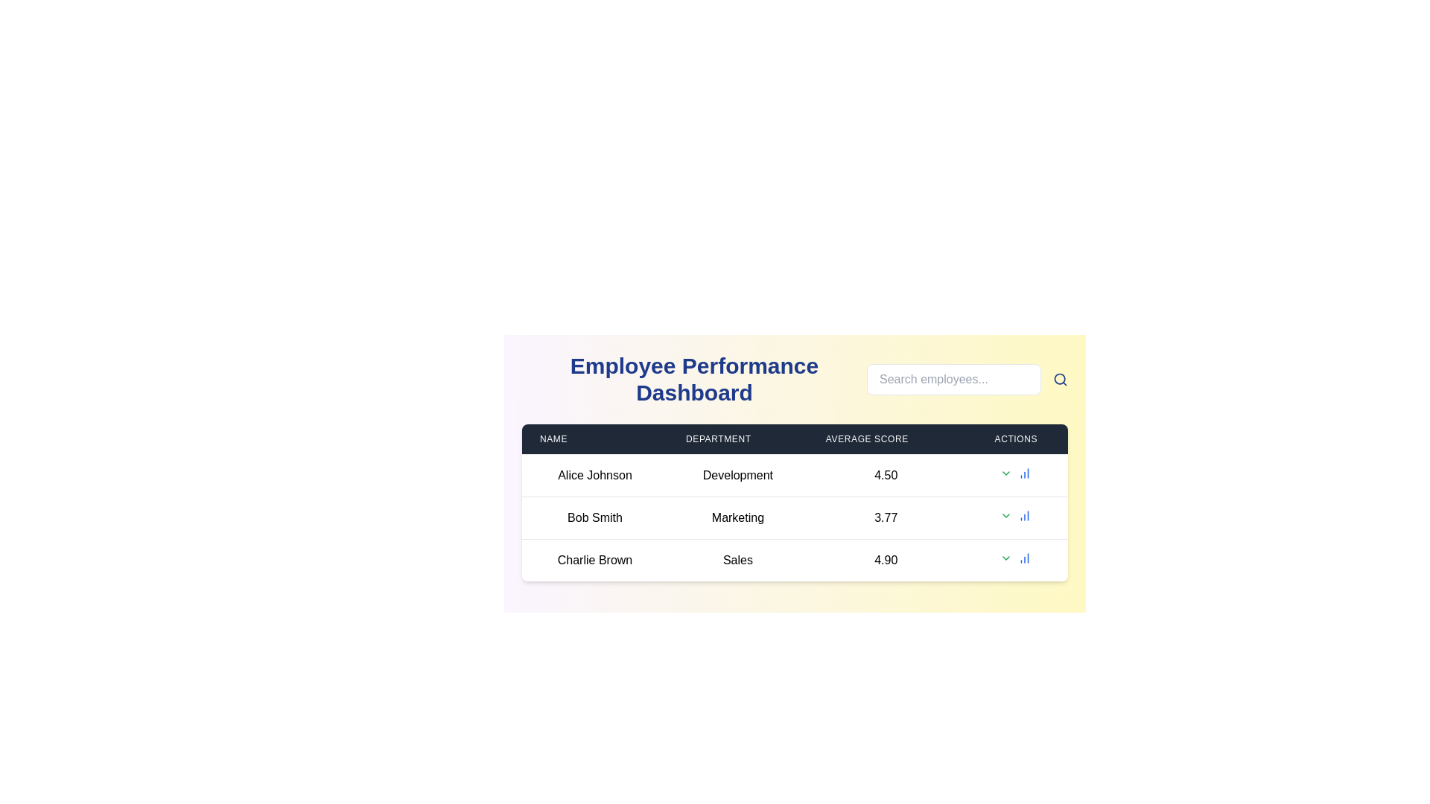 The width and height of the screenshot is (1430, 804). Describe the element at coordinates (737, 517) in the screenshot. I see `the Text label displaying the department name for the employee 'Bob Smith' in the second column of the table` at that location.